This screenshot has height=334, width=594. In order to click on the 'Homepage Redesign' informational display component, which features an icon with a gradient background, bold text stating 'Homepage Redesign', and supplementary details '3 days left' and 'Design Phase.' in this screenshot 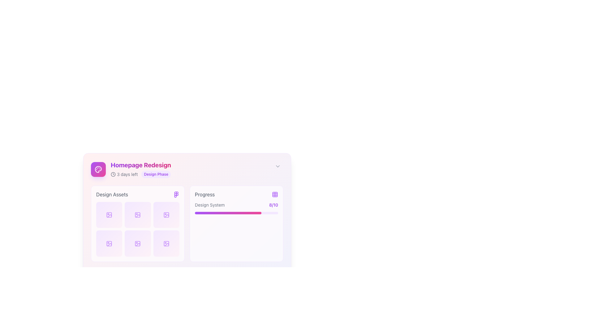, I will do `click(131, 169)`.